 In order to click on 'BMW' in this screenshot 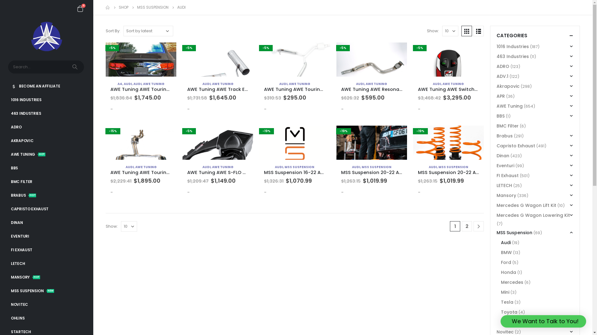, I will do `click(506, 252)`.